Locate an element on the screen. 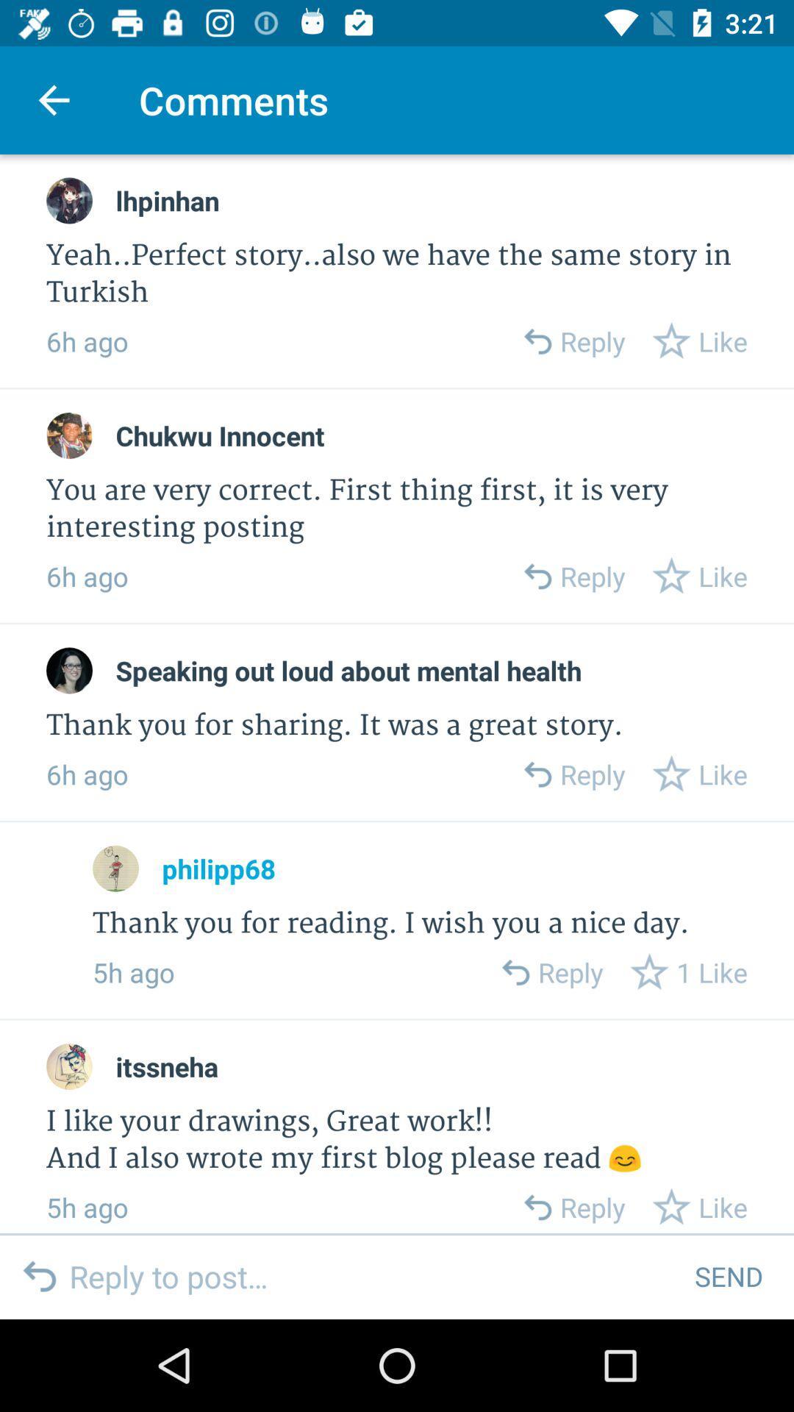  to reply is located at coordinates (537, 1207).